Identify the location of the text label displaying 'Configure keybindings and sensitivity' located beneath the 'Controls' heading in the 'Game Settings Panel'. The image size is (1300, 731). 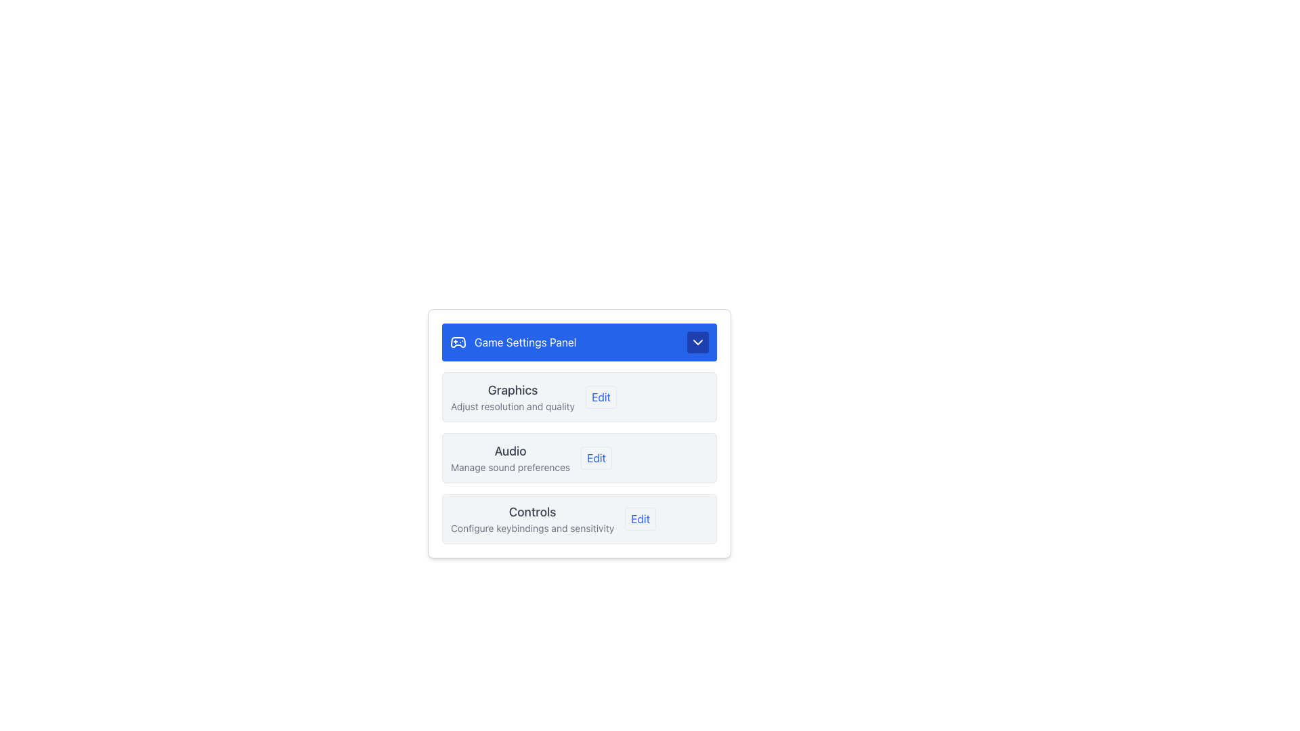
(532, 527).